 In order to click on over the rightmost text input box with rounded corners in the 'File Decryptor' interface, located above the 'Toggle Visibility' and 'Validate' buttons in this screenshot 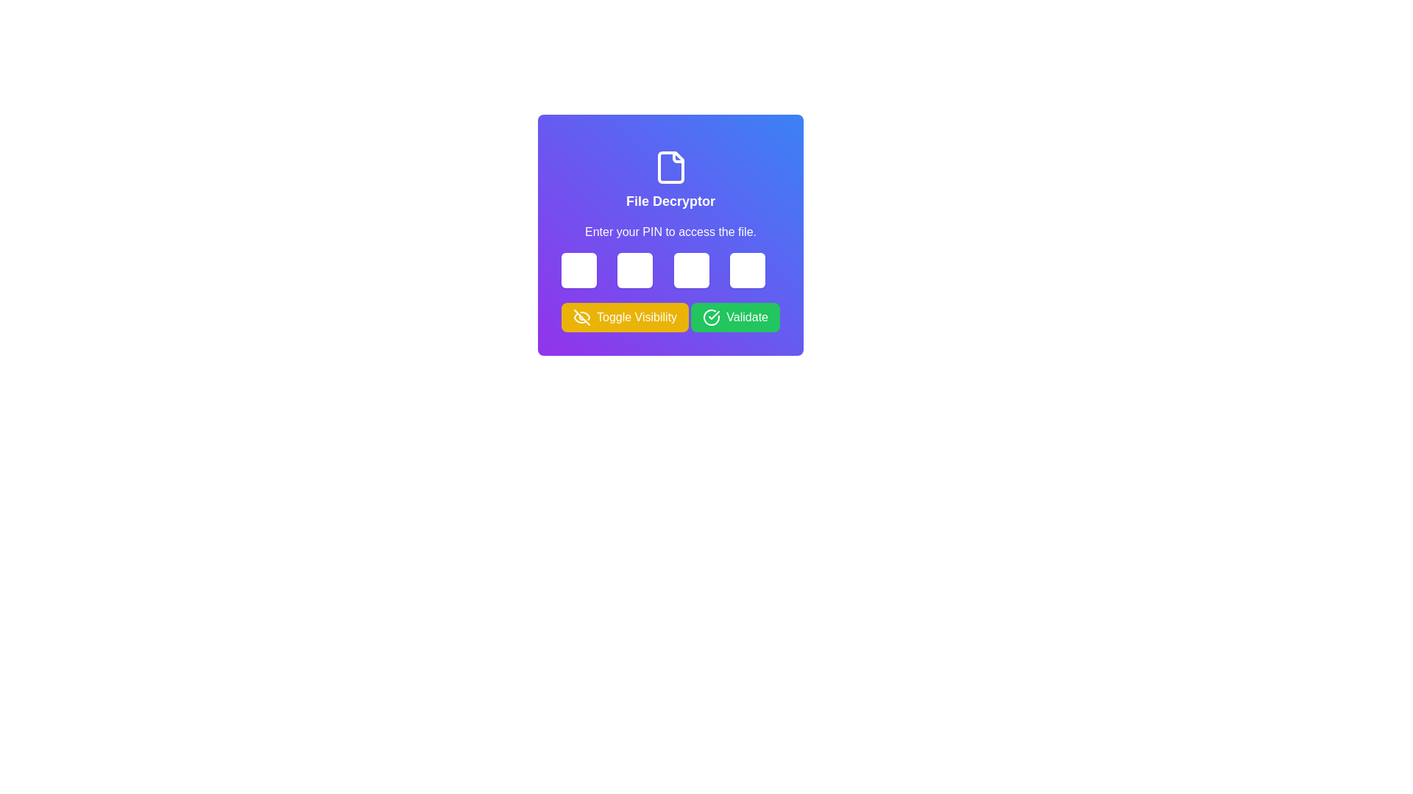, I will do `click(747, 270)`.